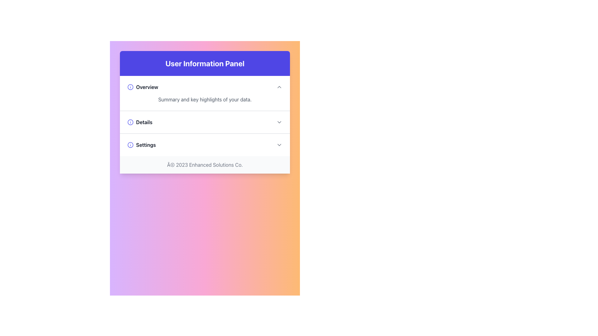 Image resolution: width=598 pixels, height=336 pixels. I want to click on the second section of the 'User Information Panel' that contains multiple item labels like 'Overview,' 'Details,' and 'Settings.', so click(205, 116).